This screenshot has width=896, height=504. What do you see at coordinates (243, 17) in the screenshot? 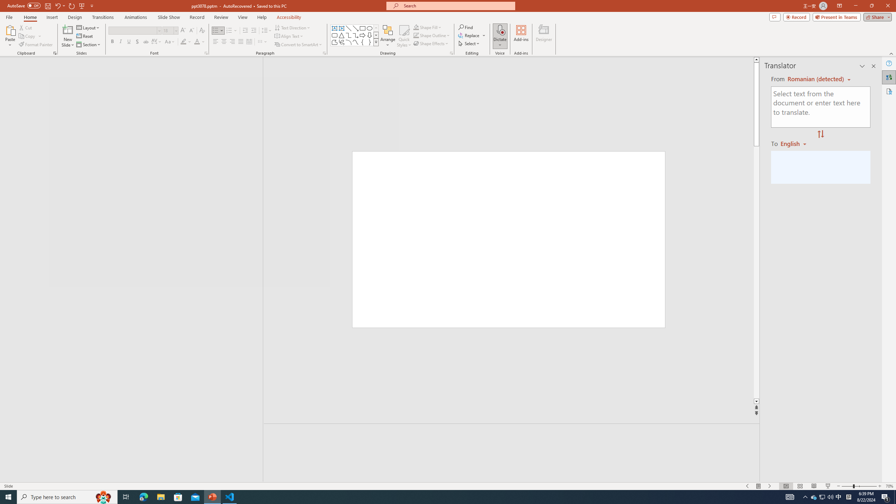
I see `'View'` at bounding box center [243, 17].